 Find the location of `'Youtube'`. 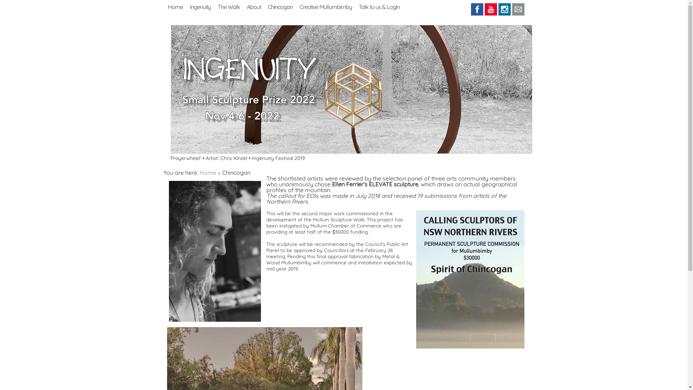

'Youtube' is located at coordinates (487, 9).